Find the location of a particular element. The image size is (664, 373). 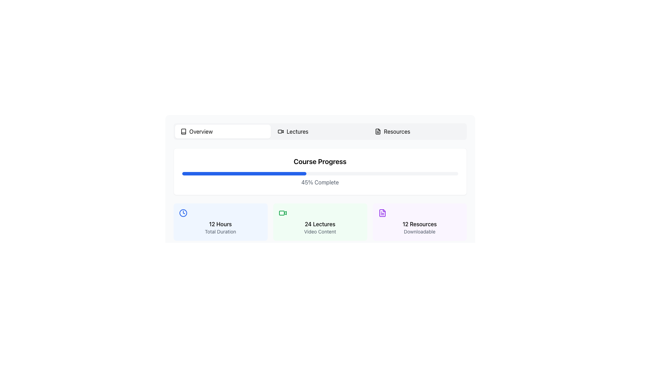

the 'Lectures' section of the navigation bar, which is styled with a light gray background and contains icons for 'Overview', 'Lectures', and 'Resources' is located at coordinates (320, 132).